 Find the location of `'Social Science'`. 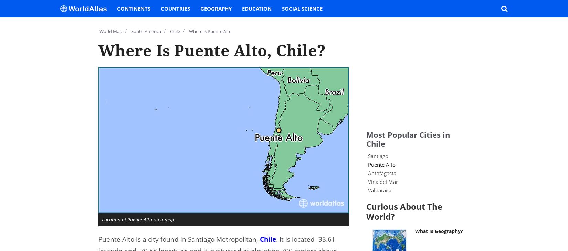

'Social Science' is located at coordinates (282, 8).